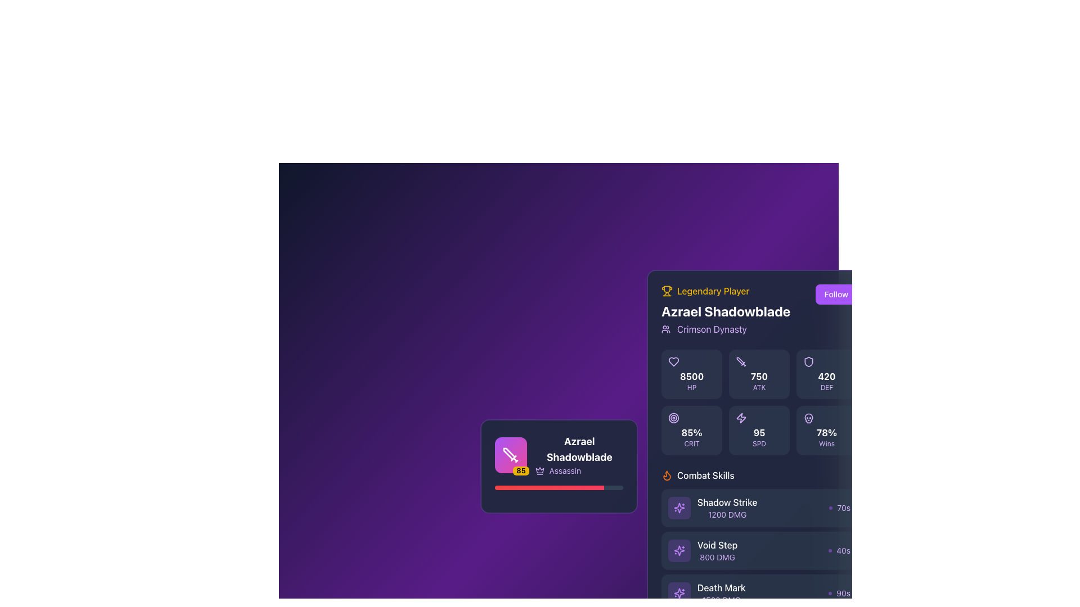  I want to click on the purple crown icon located to the left of the text 'Assassin', which is aligned horizontally with the text, so click(540, 470).